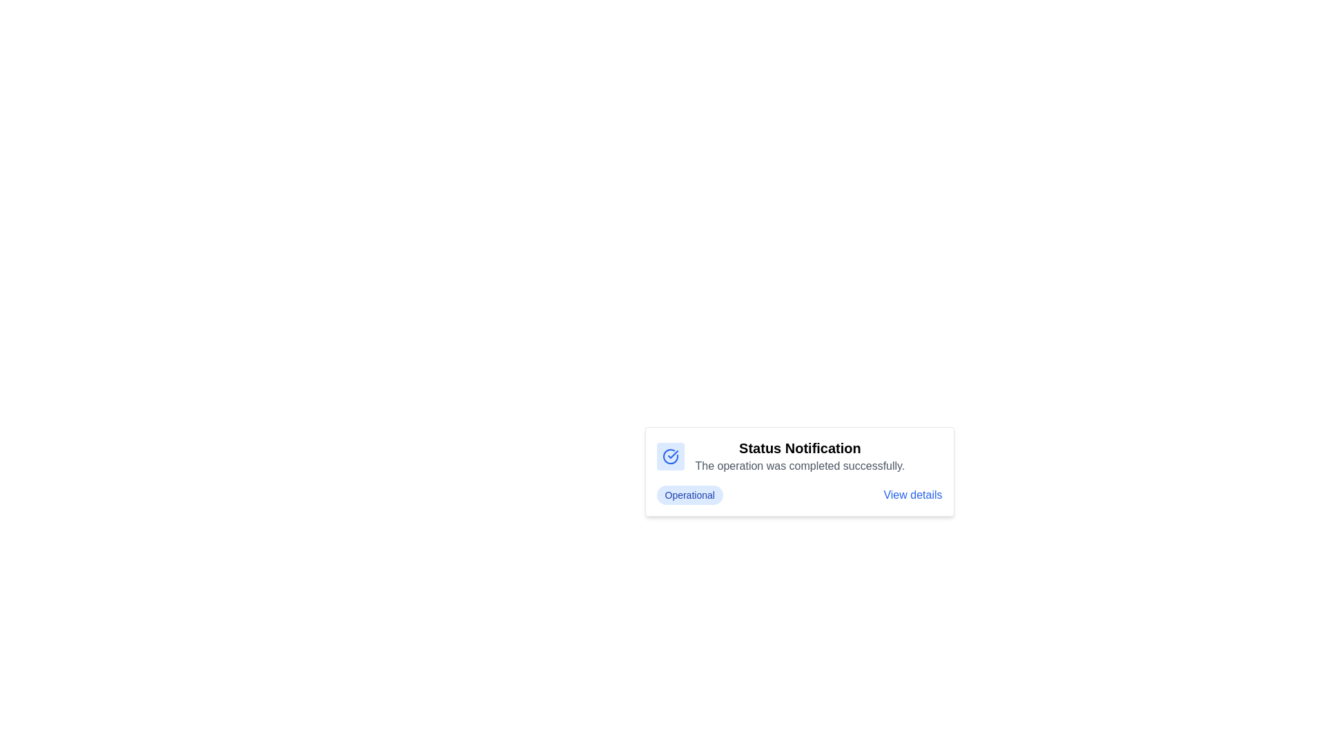 This screenshot has height=745, width=1325. What do you see at coordinates (800, 466) in the screenshot?
I see `the confirmation message text that indicates successful completion of an operation, located beneath the 'Status Notification' heading` at bounding box center [800, 466].